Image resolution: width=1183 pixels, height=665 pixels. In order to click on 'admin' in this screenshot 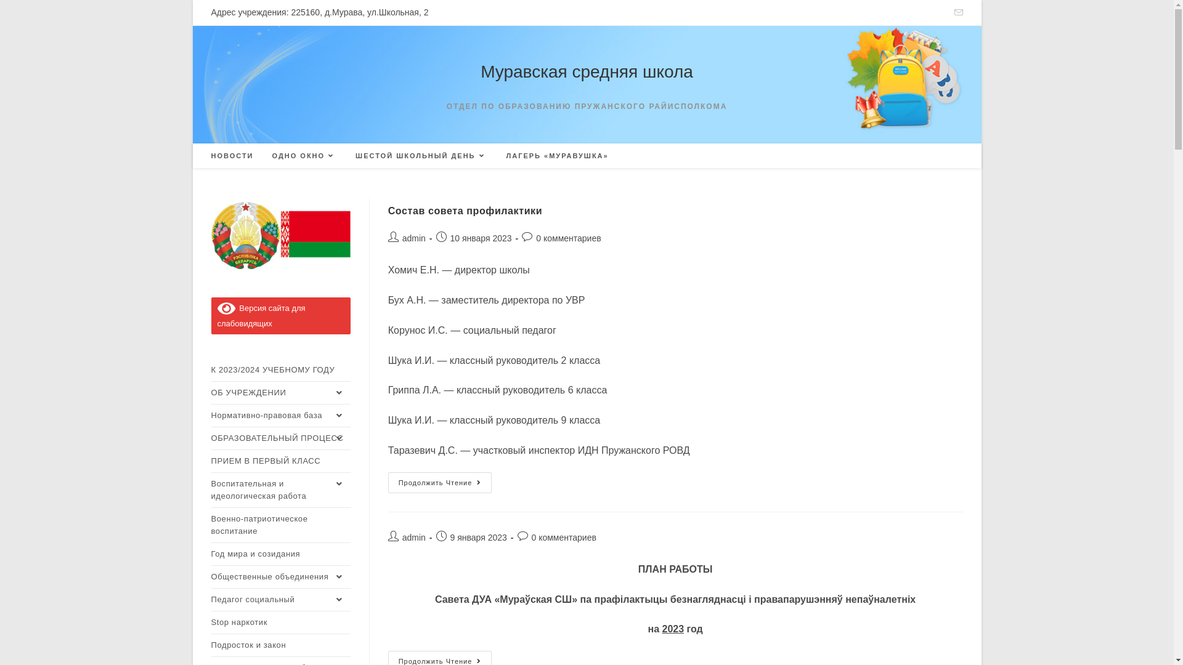, I will do `click(402, 238)`.